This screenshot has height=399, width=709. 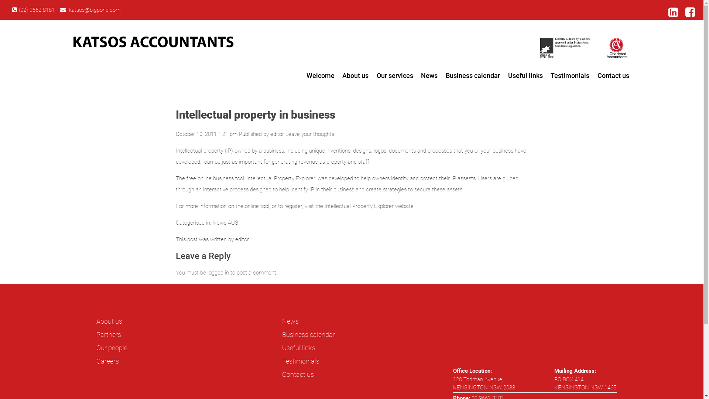 What do you see at coordinates (277, 134) in the screenshot?
I see `'editor'` at bounding box center [277, 134].